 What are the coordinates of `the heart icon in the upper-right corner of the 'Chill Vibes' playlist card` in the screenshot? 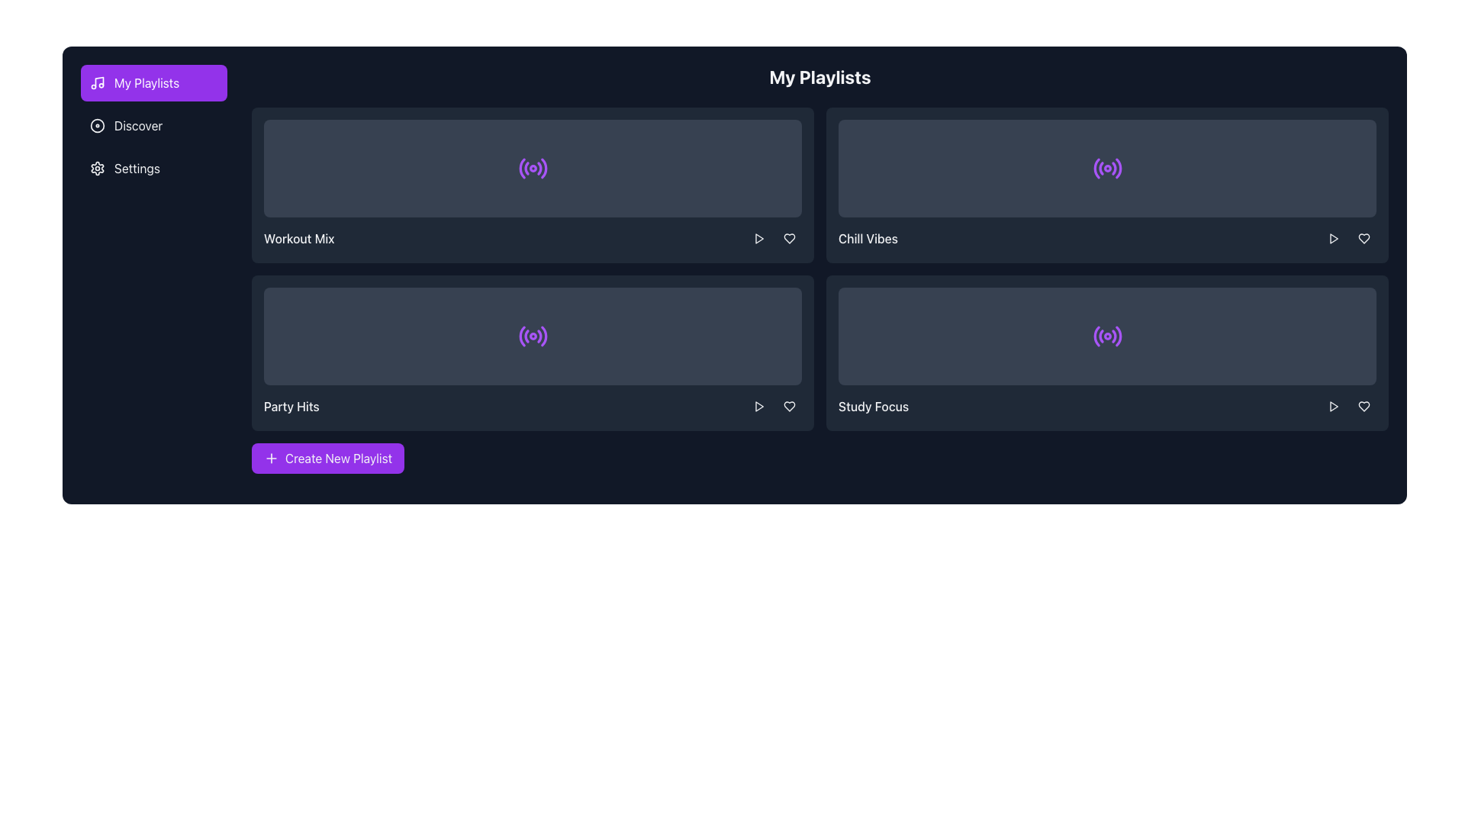 It's located at (1364, 238).